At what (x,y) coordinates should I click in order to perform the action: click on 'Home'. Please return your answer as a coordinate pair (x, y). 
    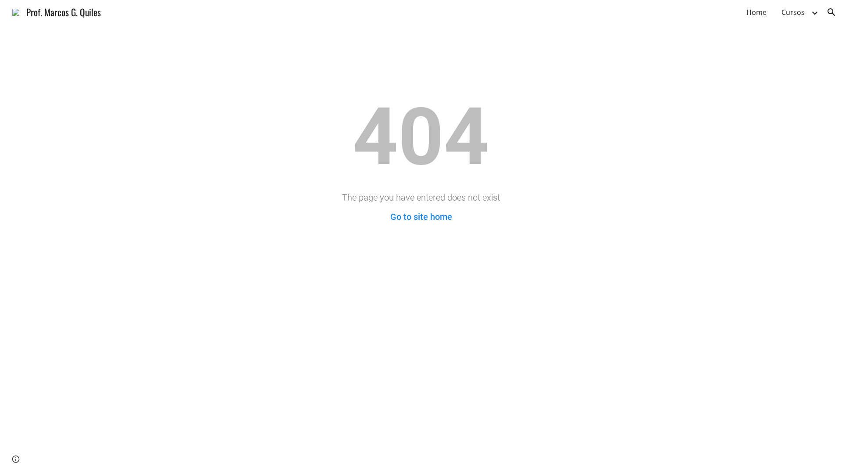
    Looking at the image, I should click on (756, 12).